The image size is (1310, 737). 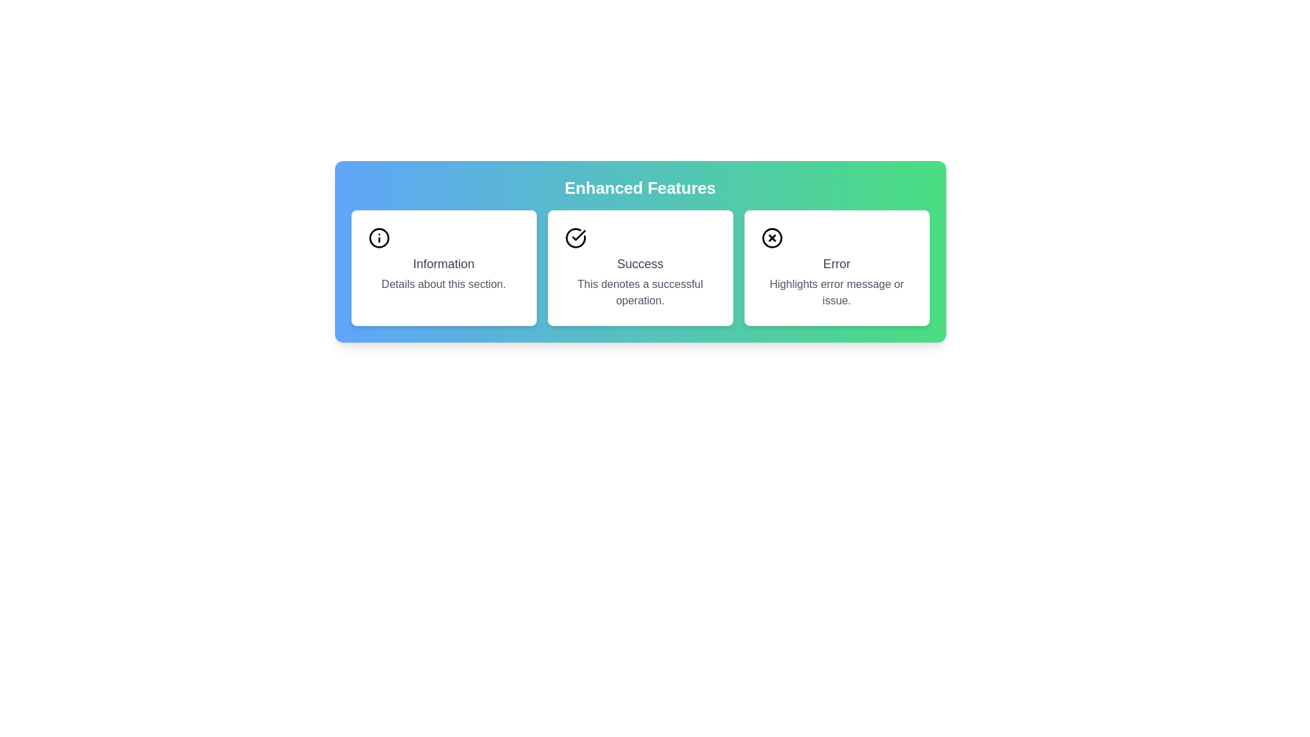 What do you see at coordinates (443, 263) in the screenshot?
I see `the text label that serves as a heading for the information section, located in the top-left card under the information icon and above the text 'Details about this section'` at bounding box center [443, 263].